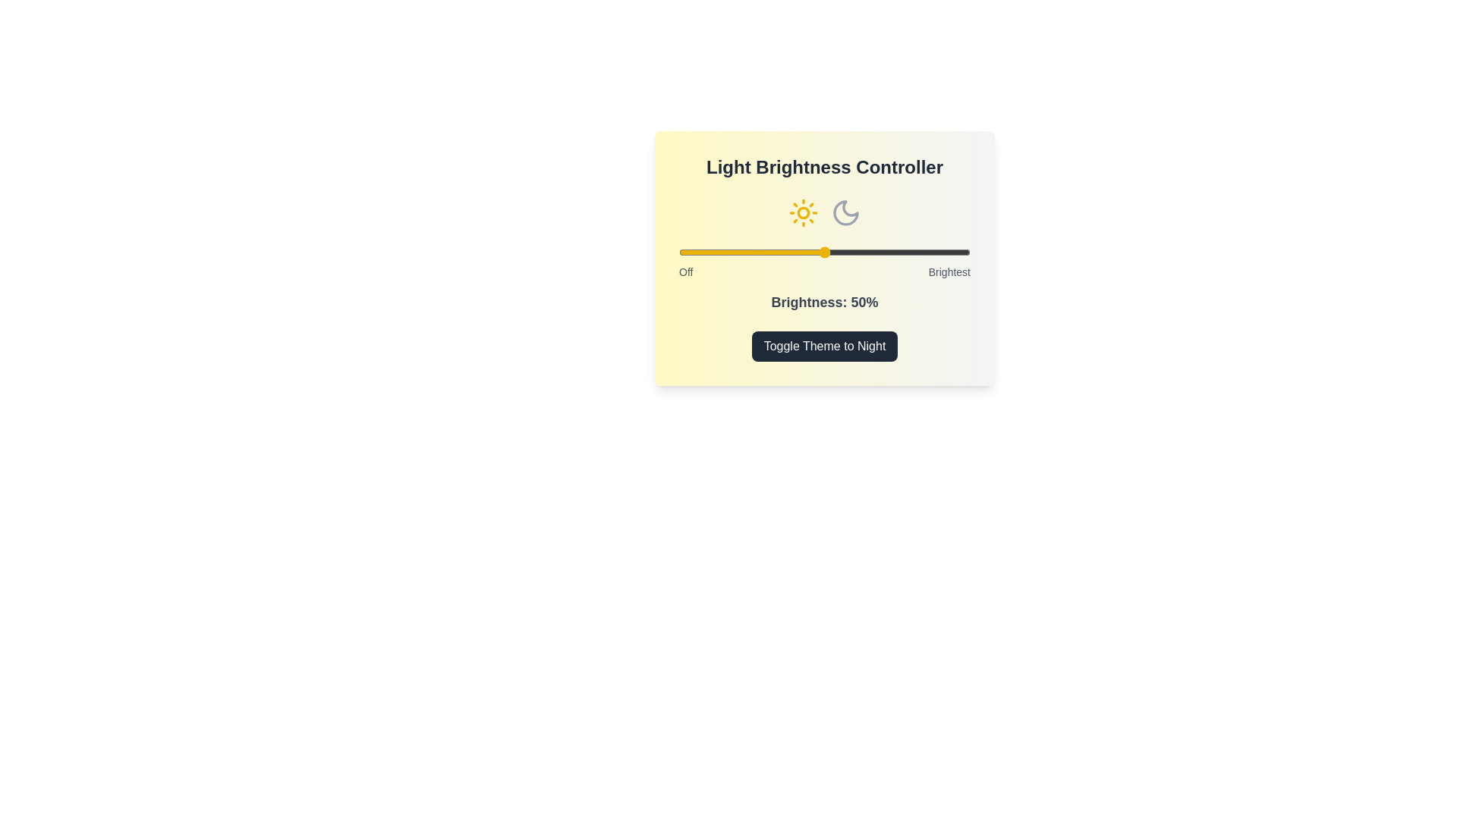 Image resolution: width=1457 pixels, height=819 pixels. What do you see at coordinates (803, 213) in the screenshot?
I see `the sun icon to toggle the theme` at bounding box center [803, 213].